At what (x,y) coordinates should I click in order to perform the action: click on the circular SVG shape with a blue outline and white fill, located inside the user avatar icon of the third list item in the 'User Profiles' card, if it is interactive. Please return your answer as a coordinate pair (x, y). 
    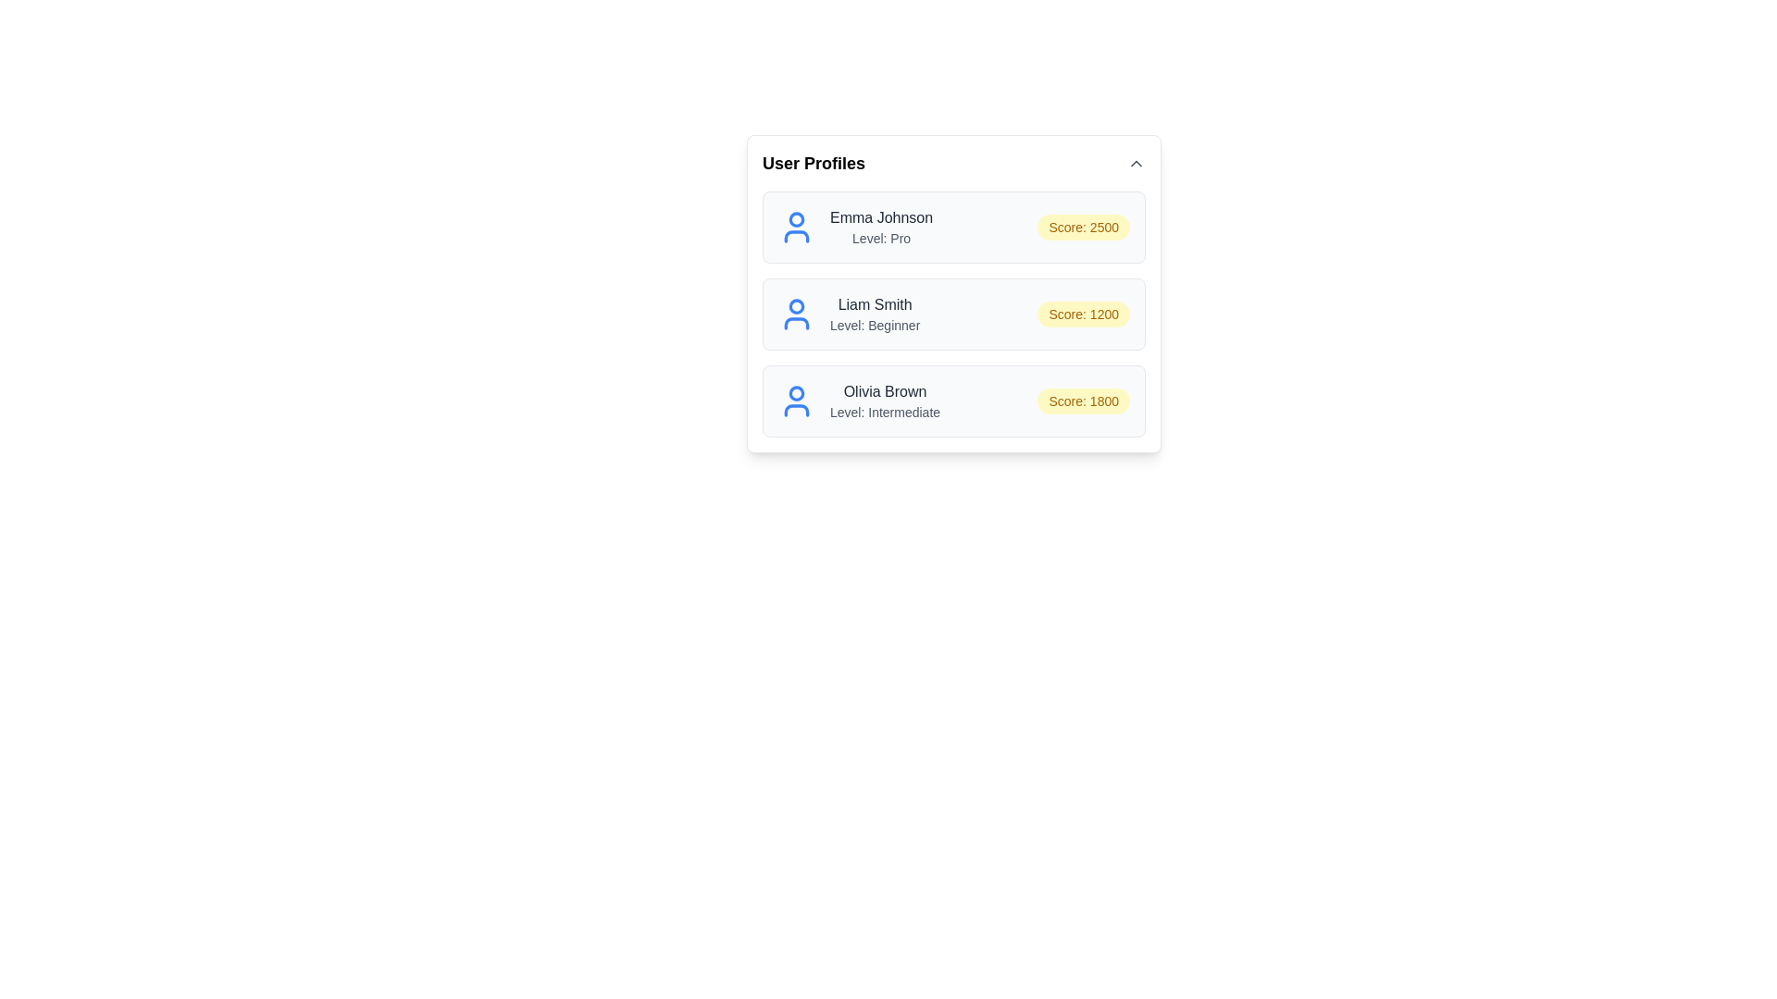
    Looking at the image, I should click on (796, 391).